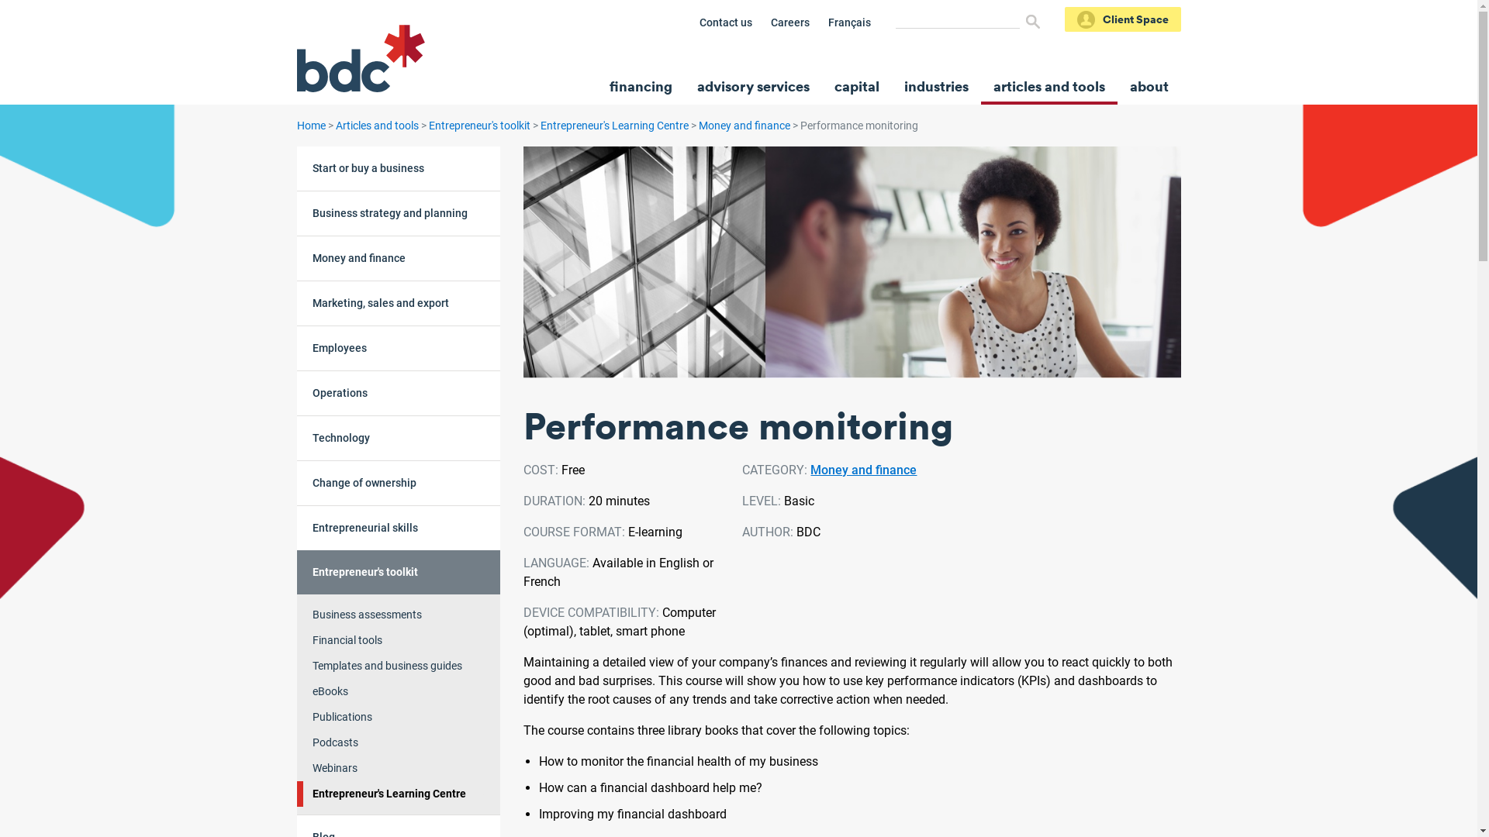 Image resolution: width=1489 pixels, height=837 pixels. I want to click on 'capital', so click(855, 86).